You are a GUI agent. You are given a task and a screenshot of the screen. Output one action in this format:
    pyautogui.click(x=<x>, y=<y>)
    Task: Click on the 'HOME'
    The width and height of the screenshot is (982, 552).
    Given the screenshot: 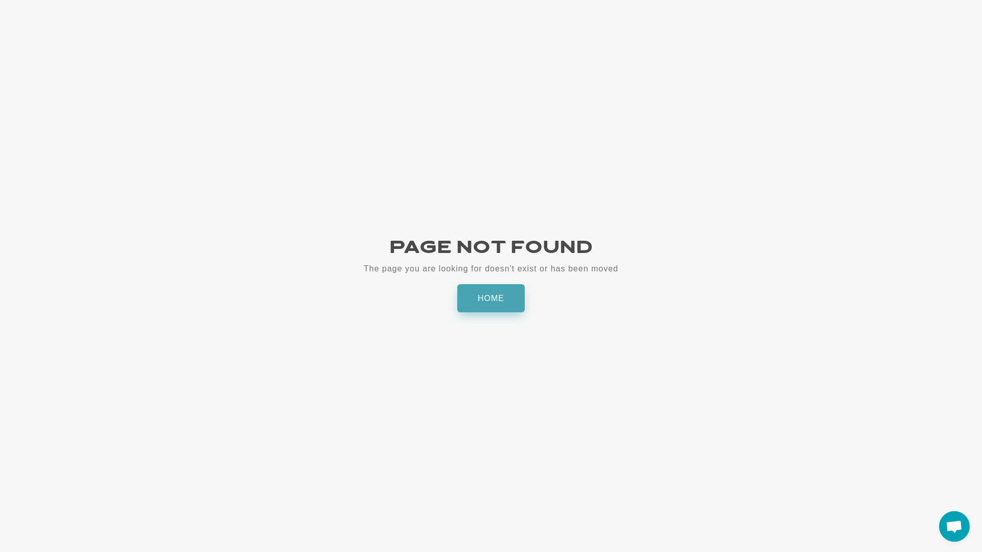 What is the action you would take?
    pyautogui.click(x=491, y=298)
    